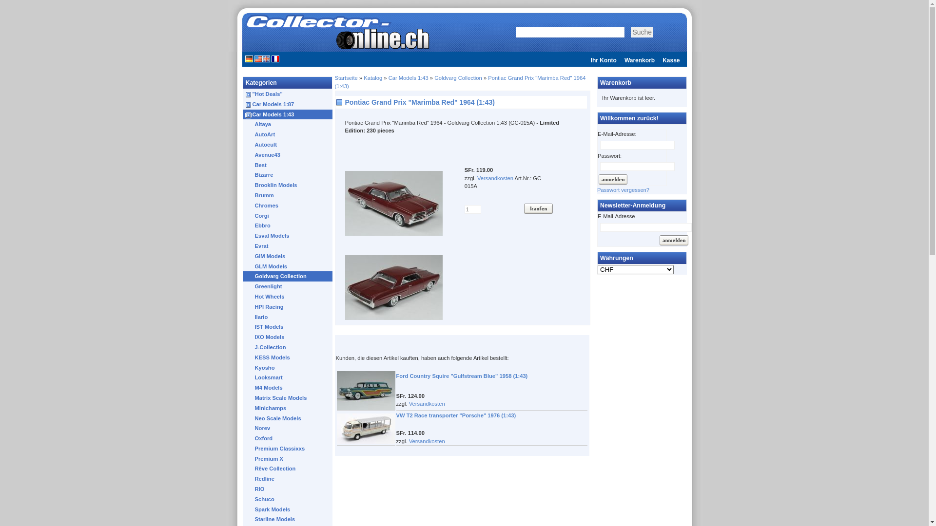 The image size is (936, 526). Describe the element at coordinates (459, 81) in the screenshot. I see `'Pontiac Grand Prix "Marimba Red" 1964 (1:43)'` at that location.